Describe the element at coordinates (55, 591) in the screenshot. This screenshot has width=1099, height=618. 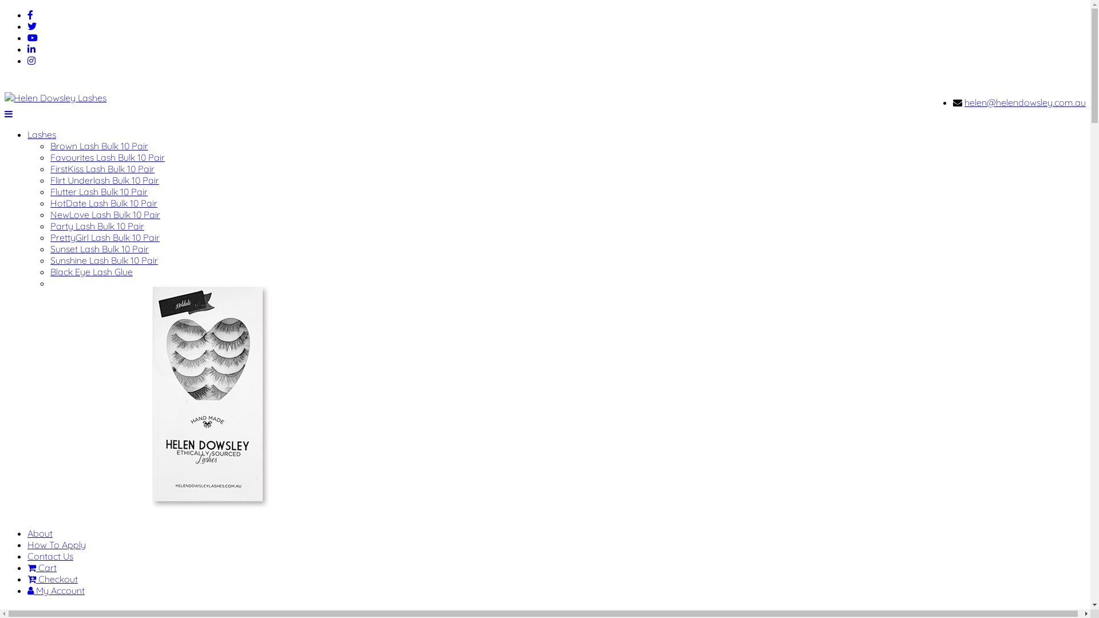
I see `'My Account'` at that location.